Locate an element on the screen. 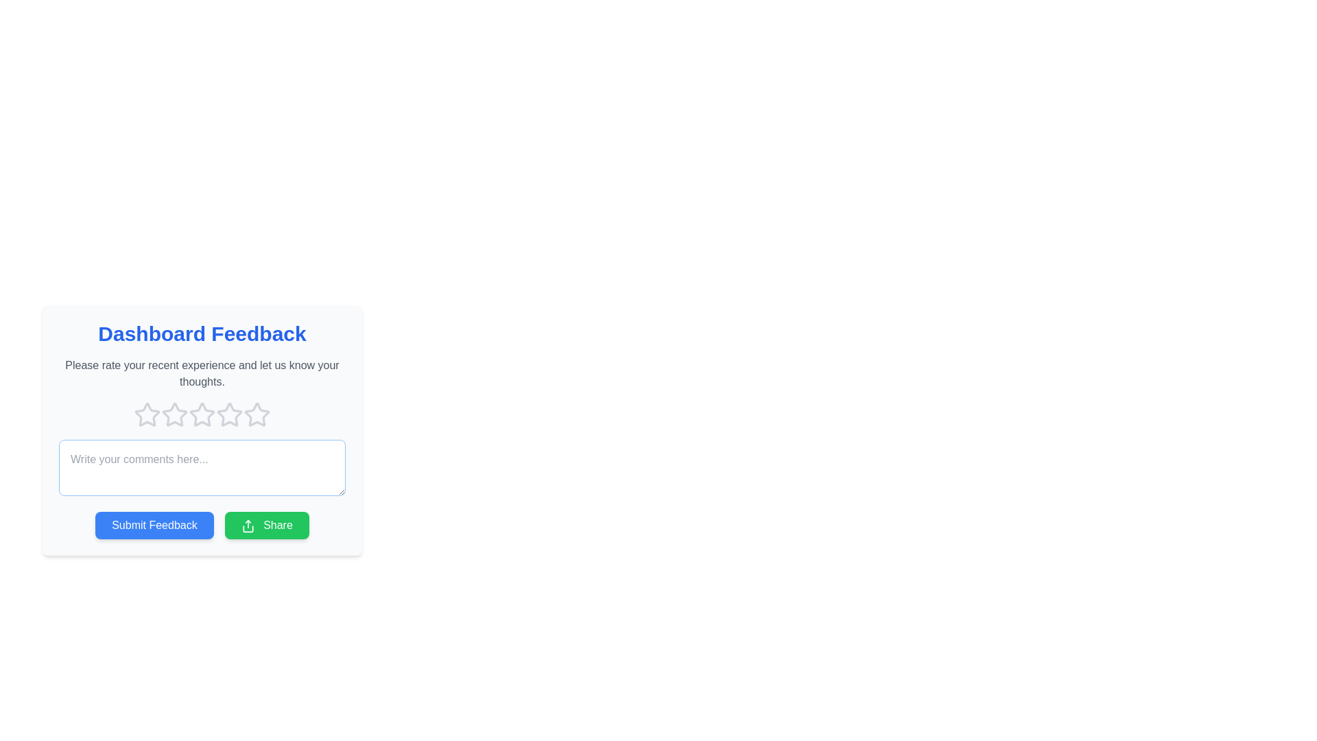 The height and width of the screenshot is (741, 1317). the second star icon in the rating system below the 'Dashboard Feedback' heading is located at coordinates (201, 414).